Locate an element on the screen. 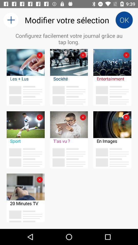 The height and width of the screenshot is (245, 138). the add icon is located at coordinates (11, 20).